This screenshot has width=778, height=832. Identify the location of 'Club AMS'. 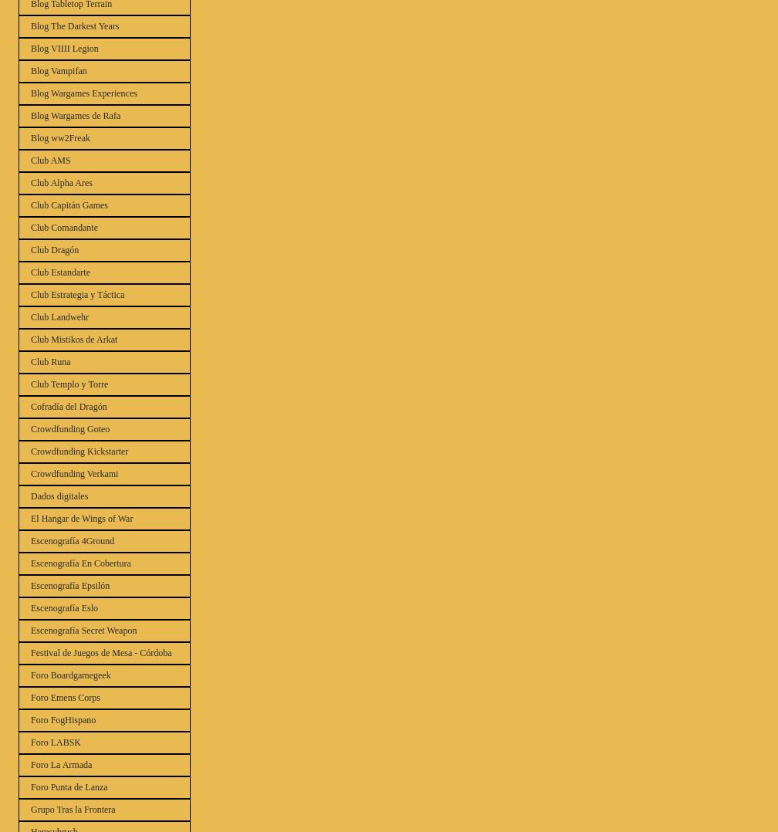
(50, 160).